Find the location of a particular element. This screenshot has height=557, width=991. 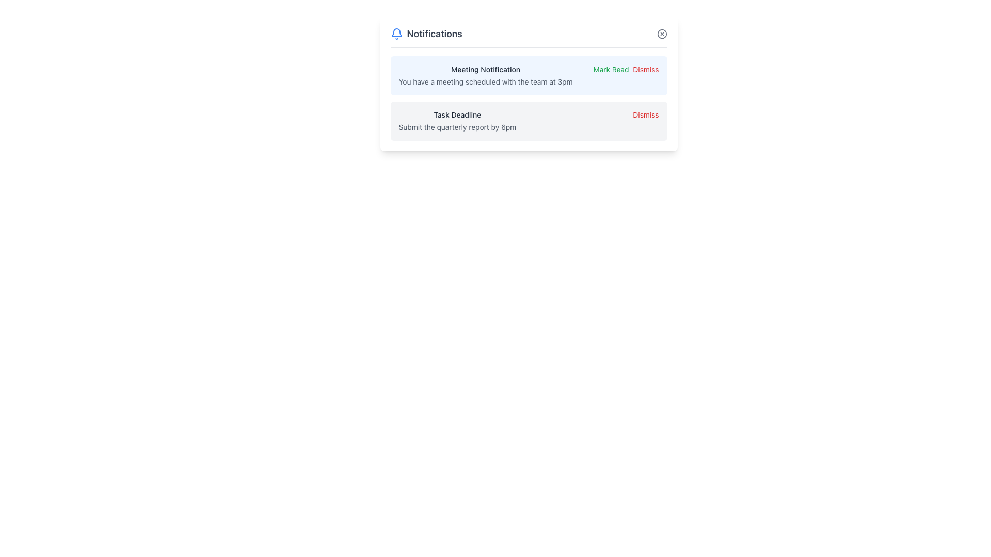

information conveyed by the 'Task Deadline' informational text block, which displays a bold title and descriptive text about submitting a quarterly report is located at coordinates (457, 121).